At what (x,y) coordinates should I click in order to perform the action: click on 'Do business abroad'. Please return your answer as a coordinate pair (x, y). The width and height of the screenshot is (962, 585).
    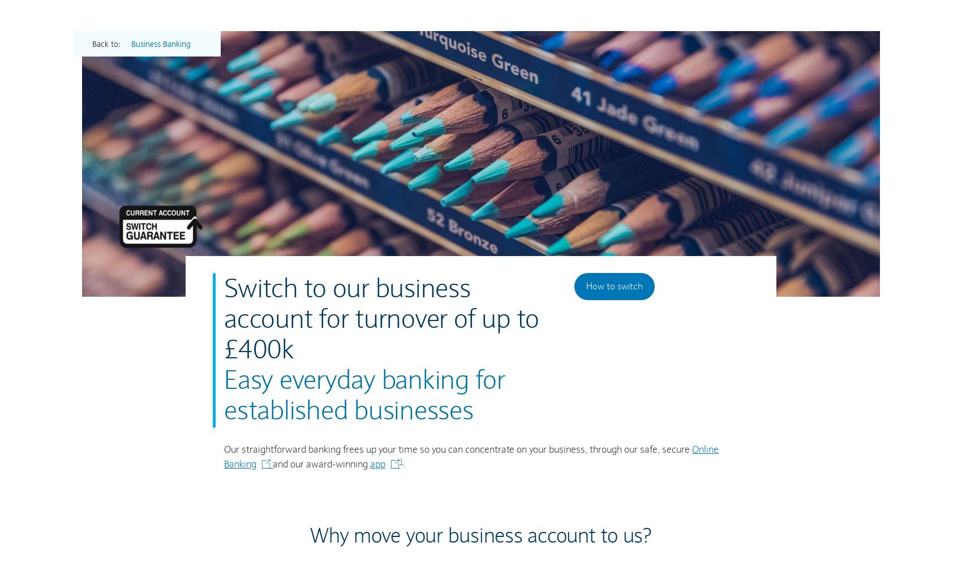
    Looking at the image, I should click on (461, 214).